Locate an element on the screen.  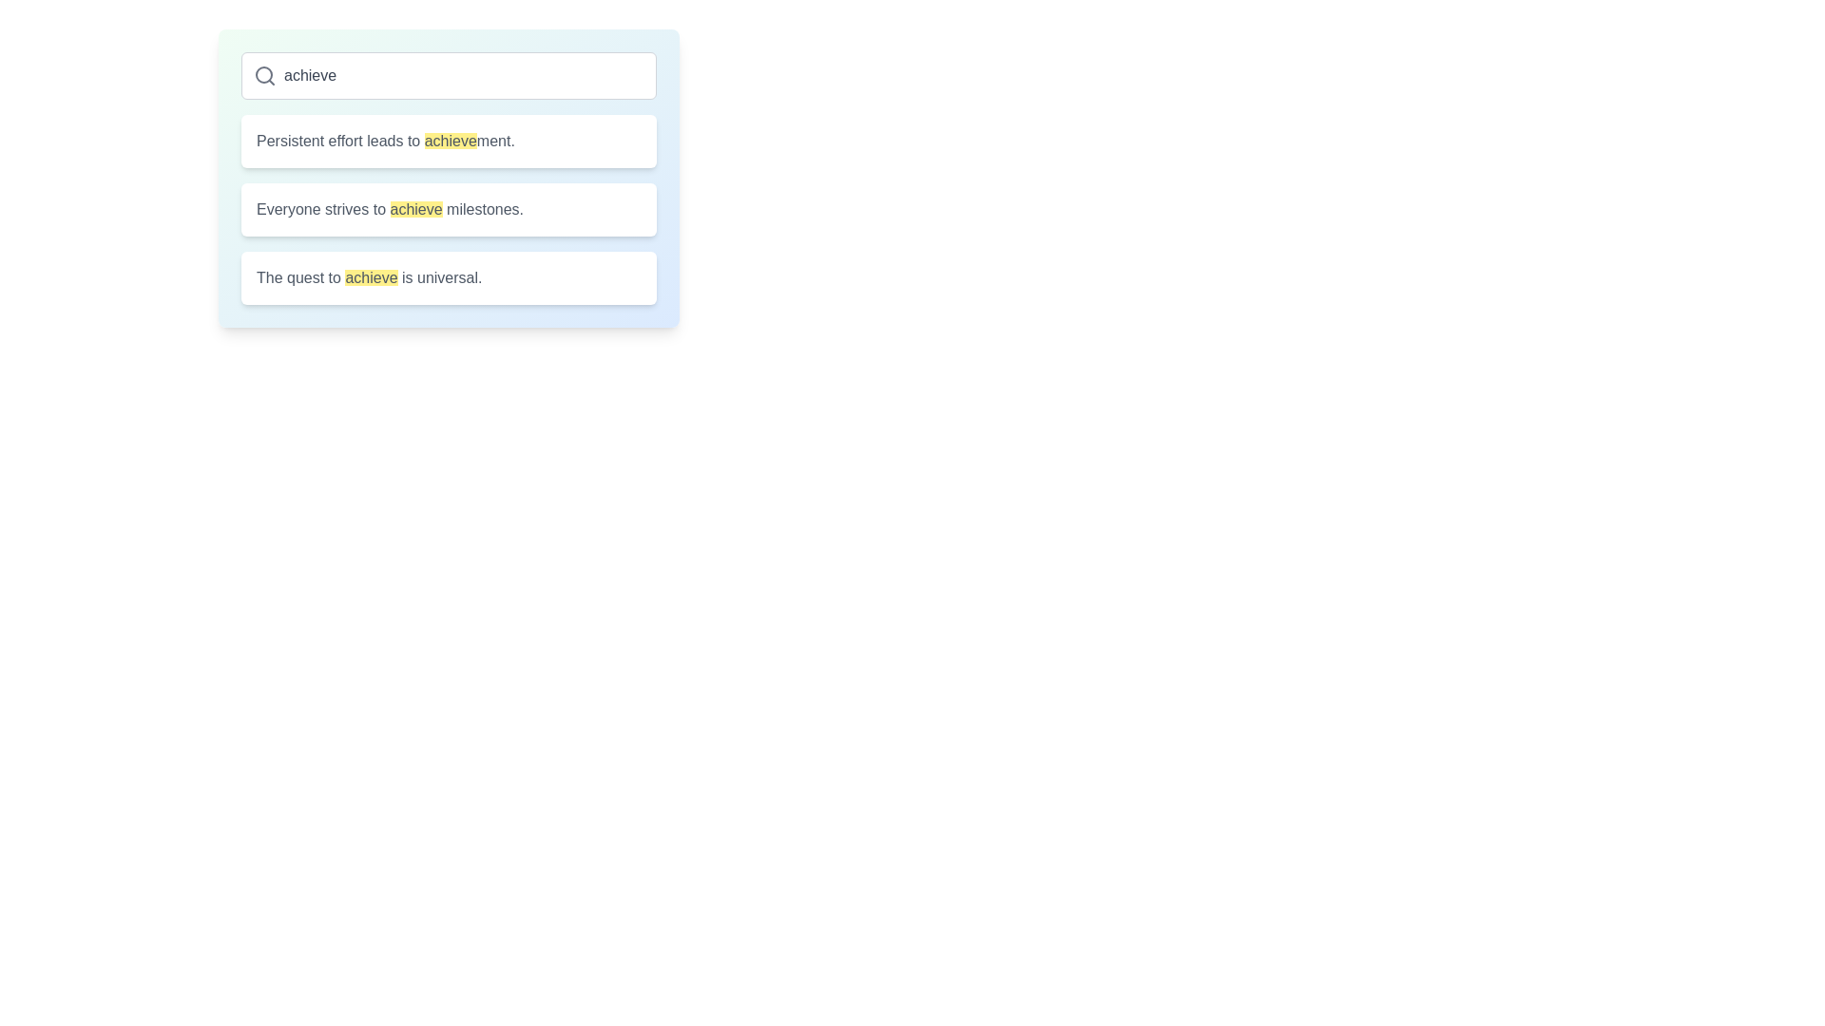
text content from the topmost informational card located directly below the search bar, identified as the first card in a vertical stack of three similar elements is located at coordinates (448, 141).